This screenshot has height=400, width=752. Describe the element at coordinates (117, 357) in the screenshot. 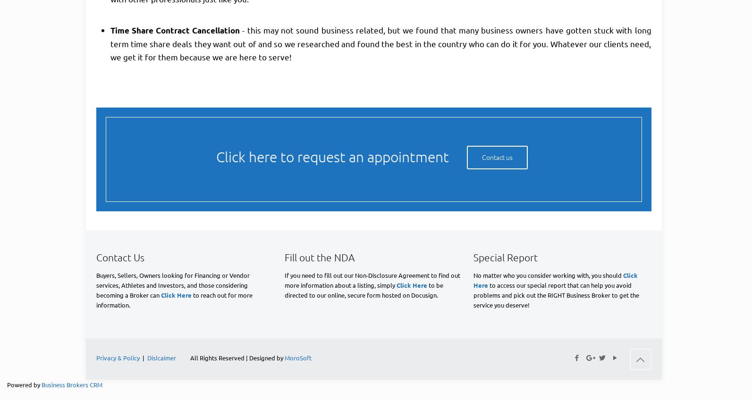

I see `'Privacy & Policy'` at that location.